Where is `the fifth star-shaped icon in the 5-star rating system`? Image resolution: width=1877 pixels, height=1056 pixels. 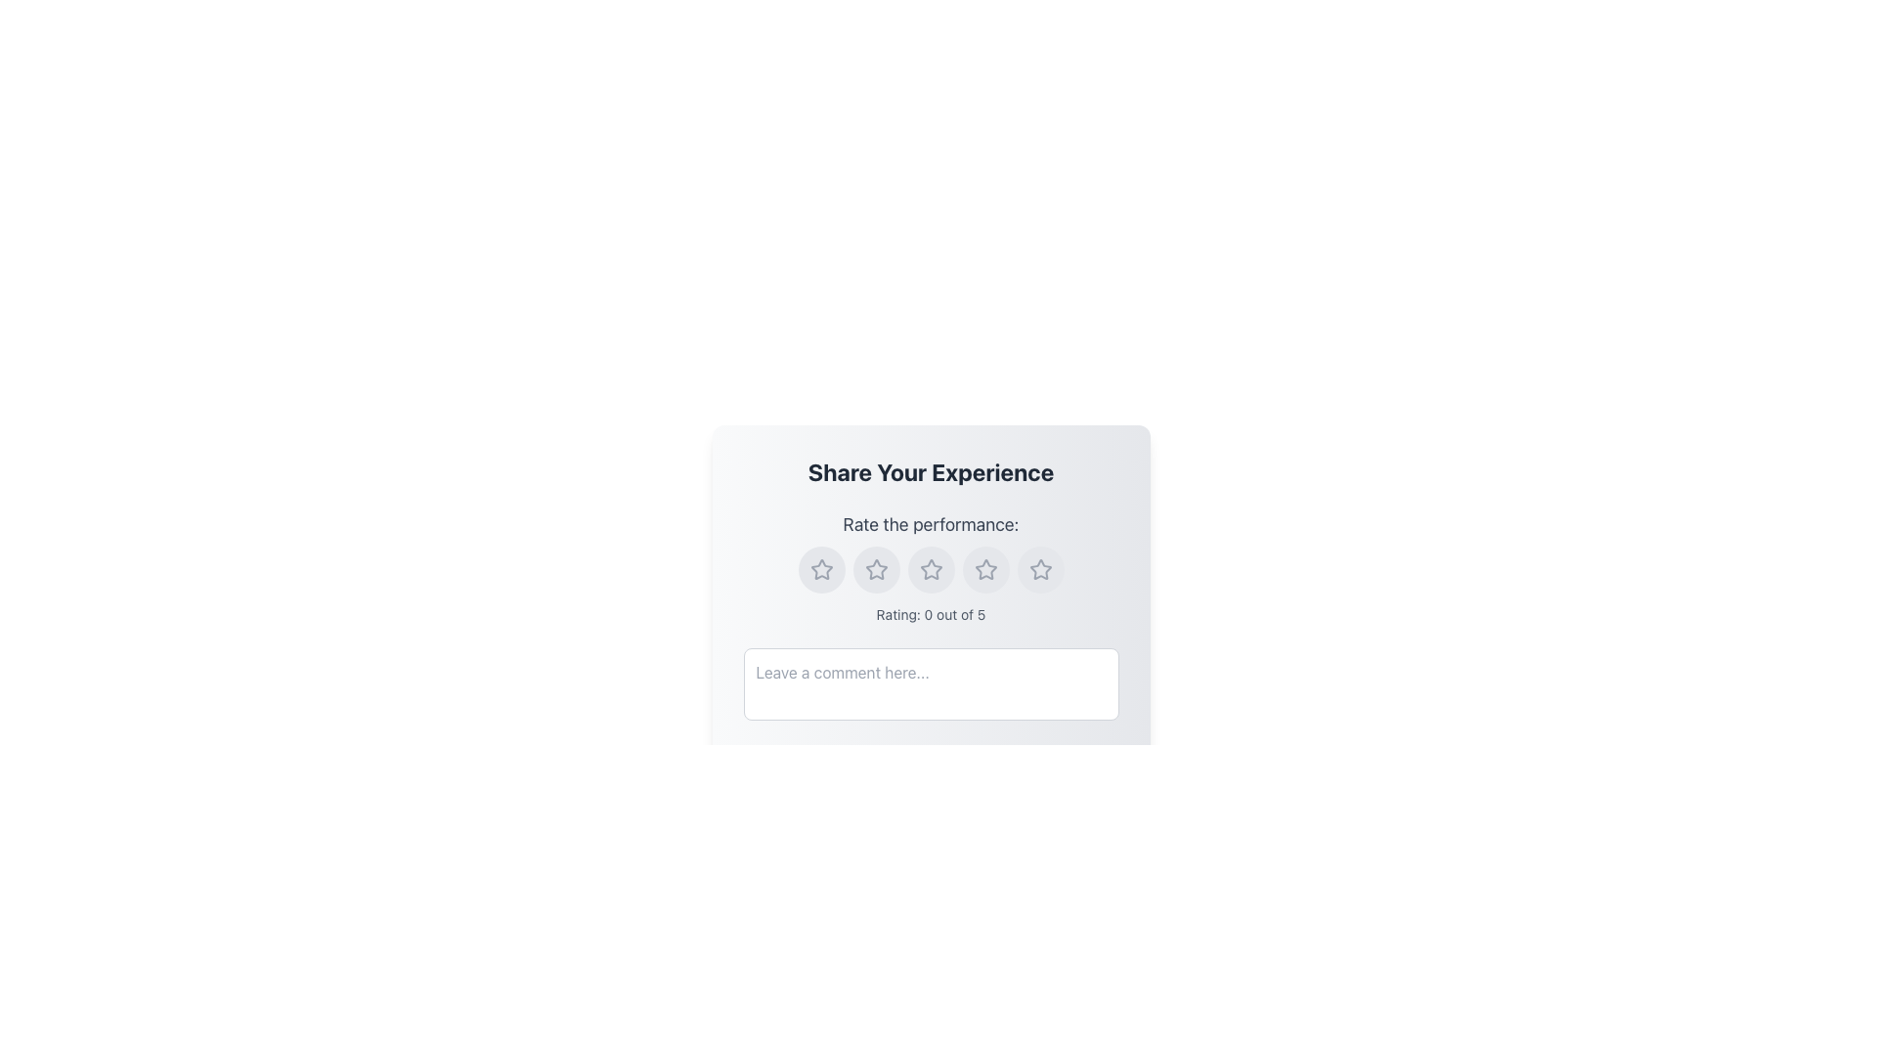 the fifth star-shaped icon in the 5-star rating system is located at coordinates (1039, 569).